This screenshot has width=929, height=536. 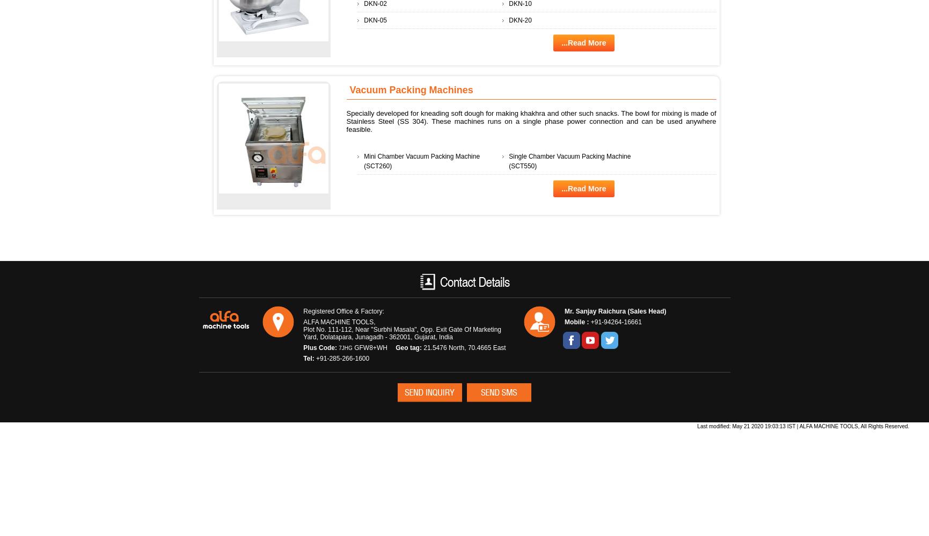 What do you see at coordinates (375, 20) in the screenshot?
I see `'DKN-05'` at bounding box center [375, 20].